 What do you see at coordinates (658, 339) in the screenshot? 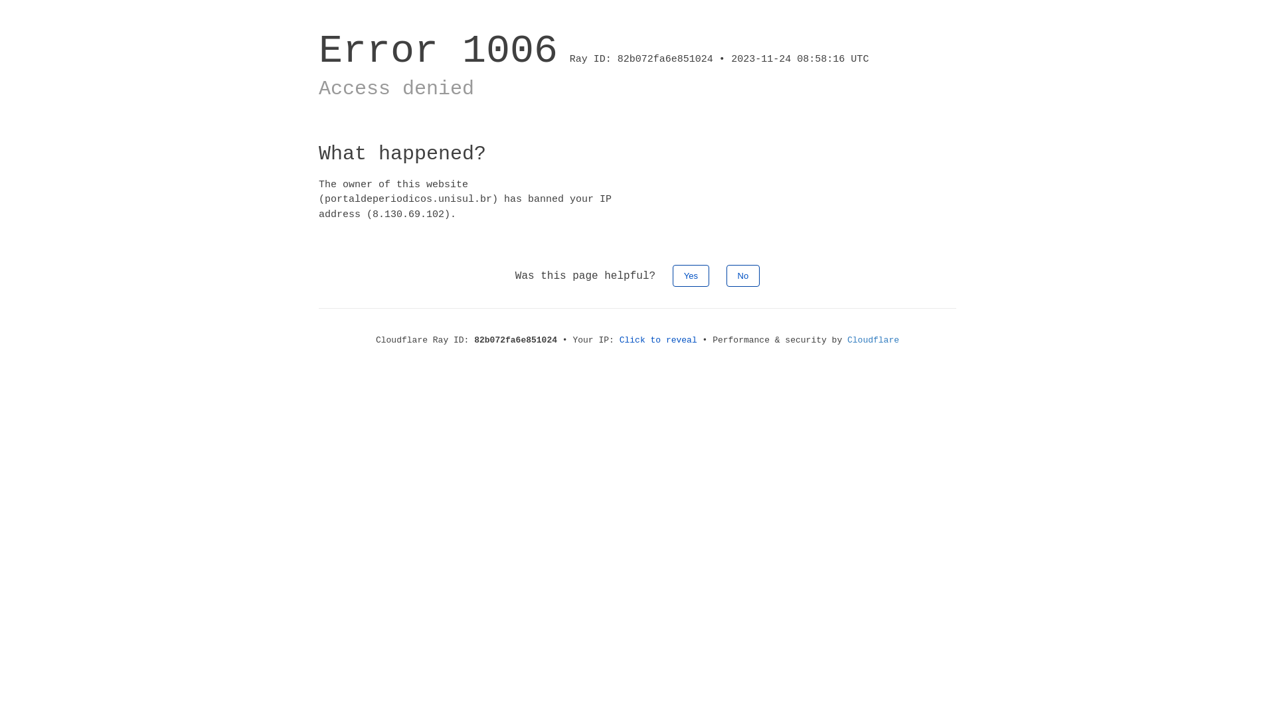
I see `'Click to reveal'` at bounding box center [658, 339].